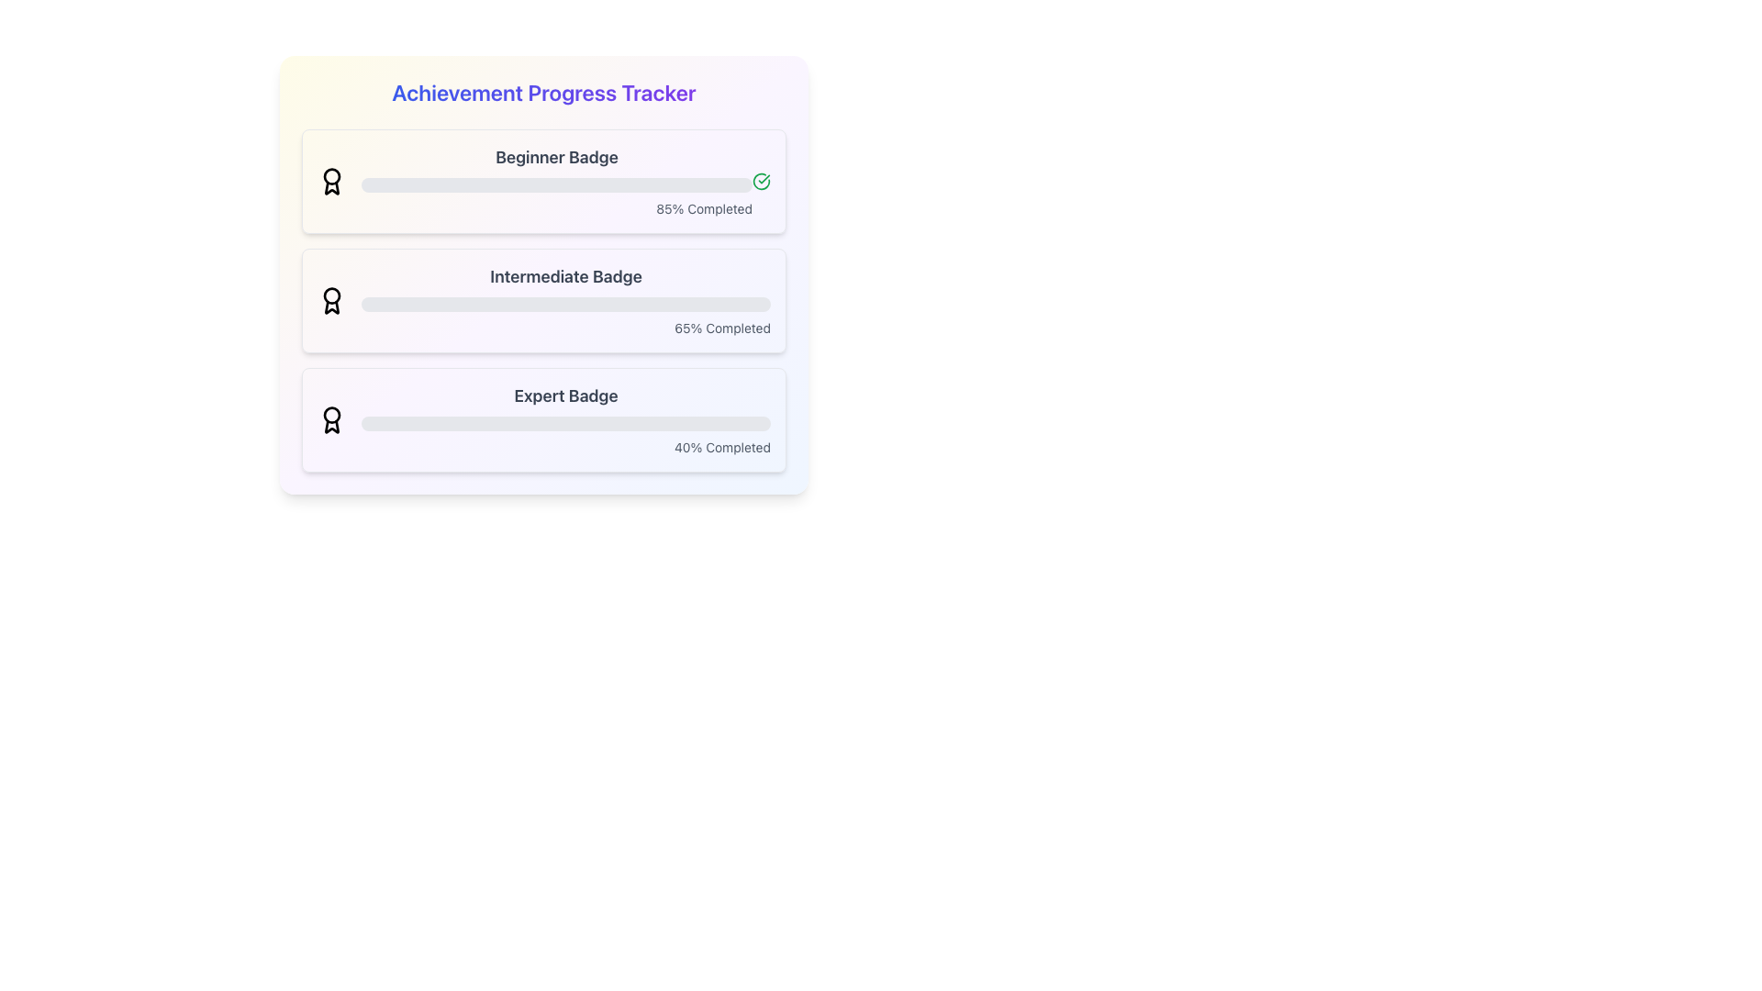  I want to click on the 'Expert Badge' icon located in the third card of the Achievement Progress Tracker section to visually represent the badge's identity, so click(331, 420).